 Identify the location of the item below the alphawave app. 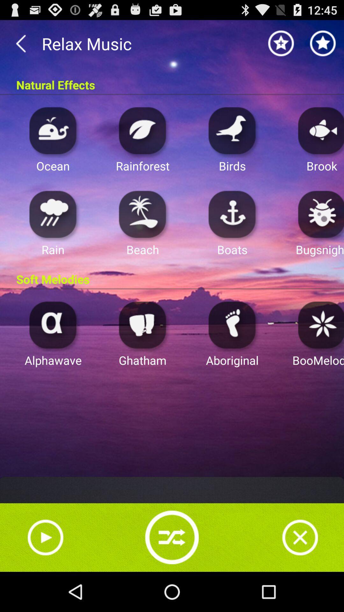
(45, 537).